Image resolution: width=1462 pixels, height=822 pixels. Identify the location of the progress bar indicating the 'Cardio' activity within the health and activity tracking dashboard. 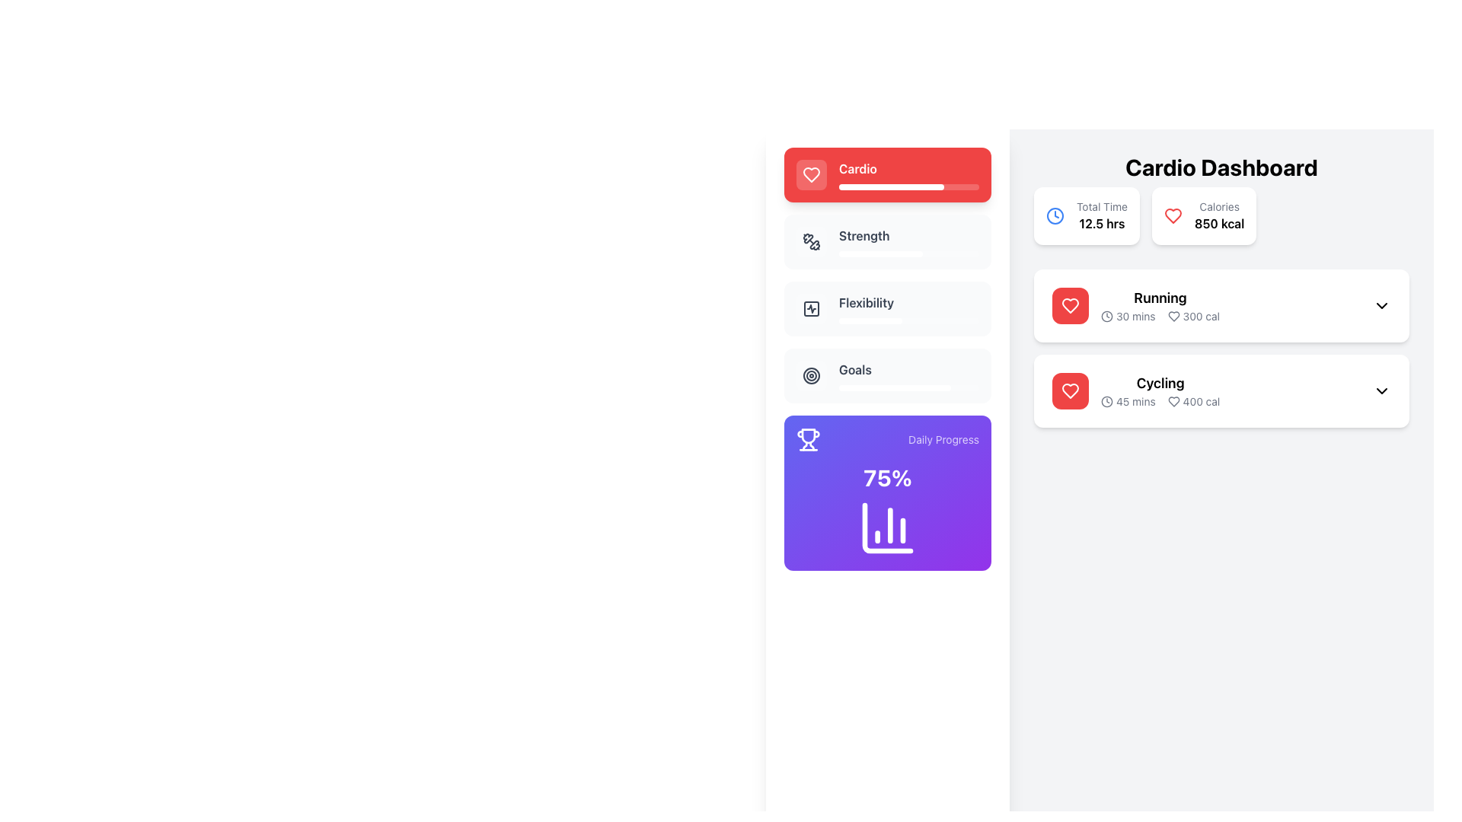
(892, 186).